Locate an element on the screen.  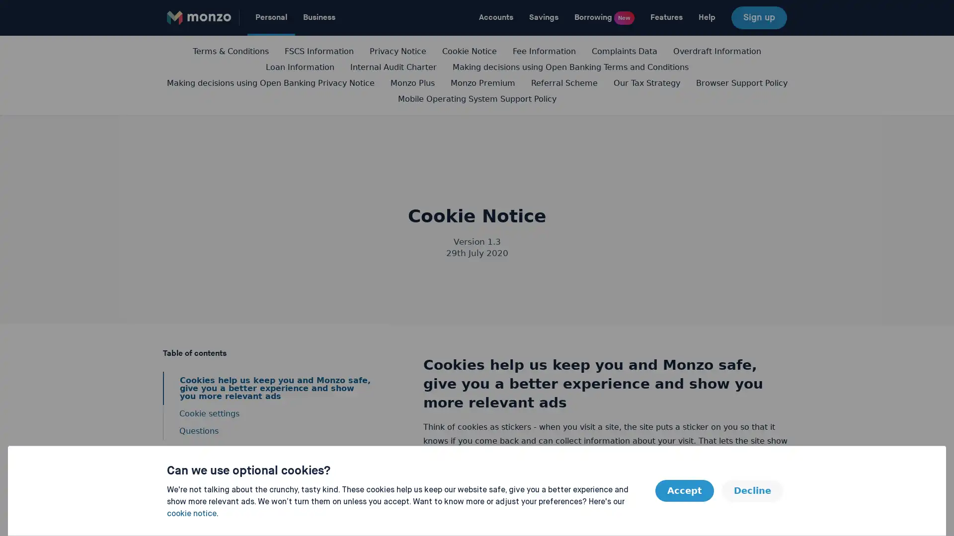
Accept is located at coordinates (684, 490).